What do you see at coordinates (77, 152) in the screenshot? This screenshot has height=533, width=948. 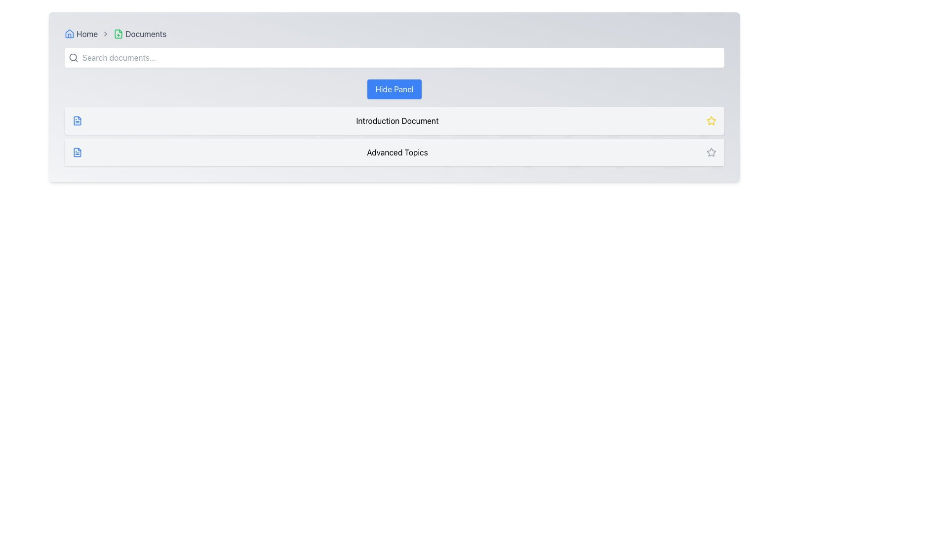 I see `the document-shaped icon with a blue outline and white center located on the left side of the second row in the list-like structure` at bounding box center [77, 152].